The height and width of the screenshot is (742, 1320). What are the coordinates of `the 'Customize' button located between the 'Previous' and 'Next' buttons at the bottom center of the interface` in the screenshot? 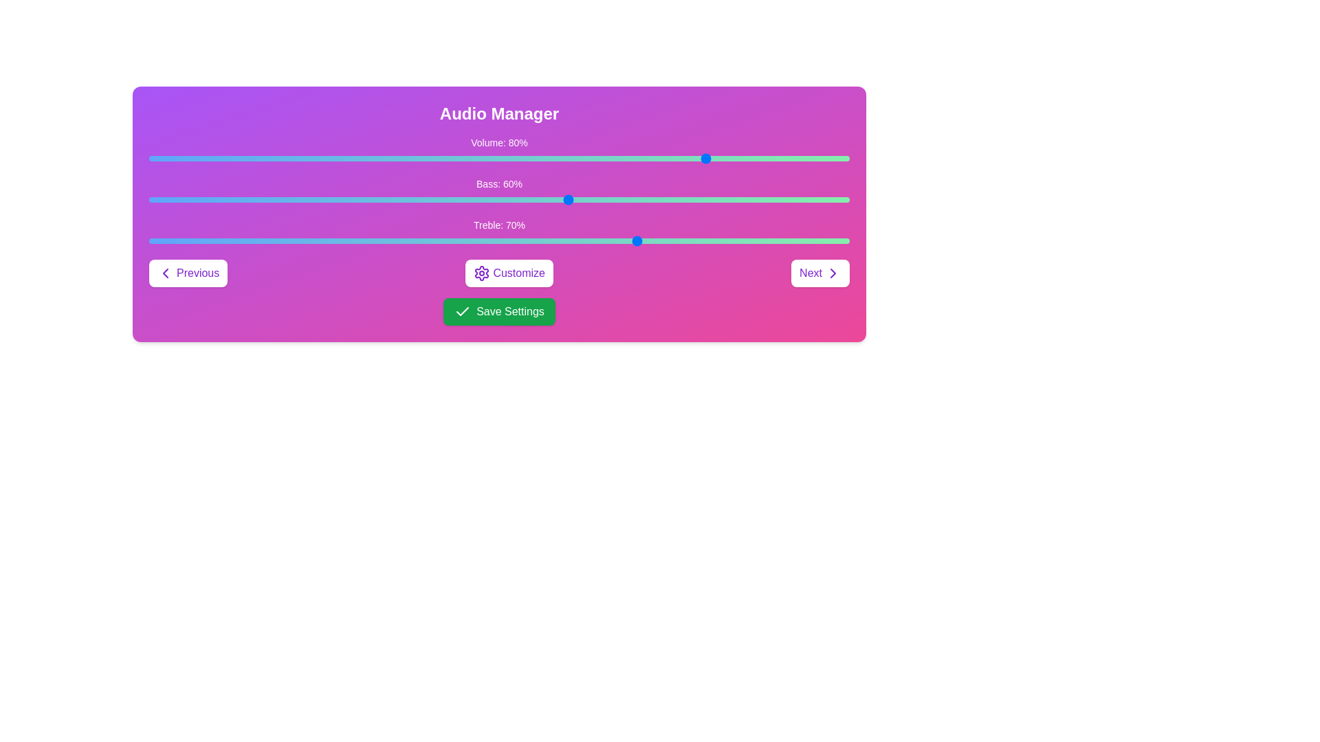 It's located at (509, 273).